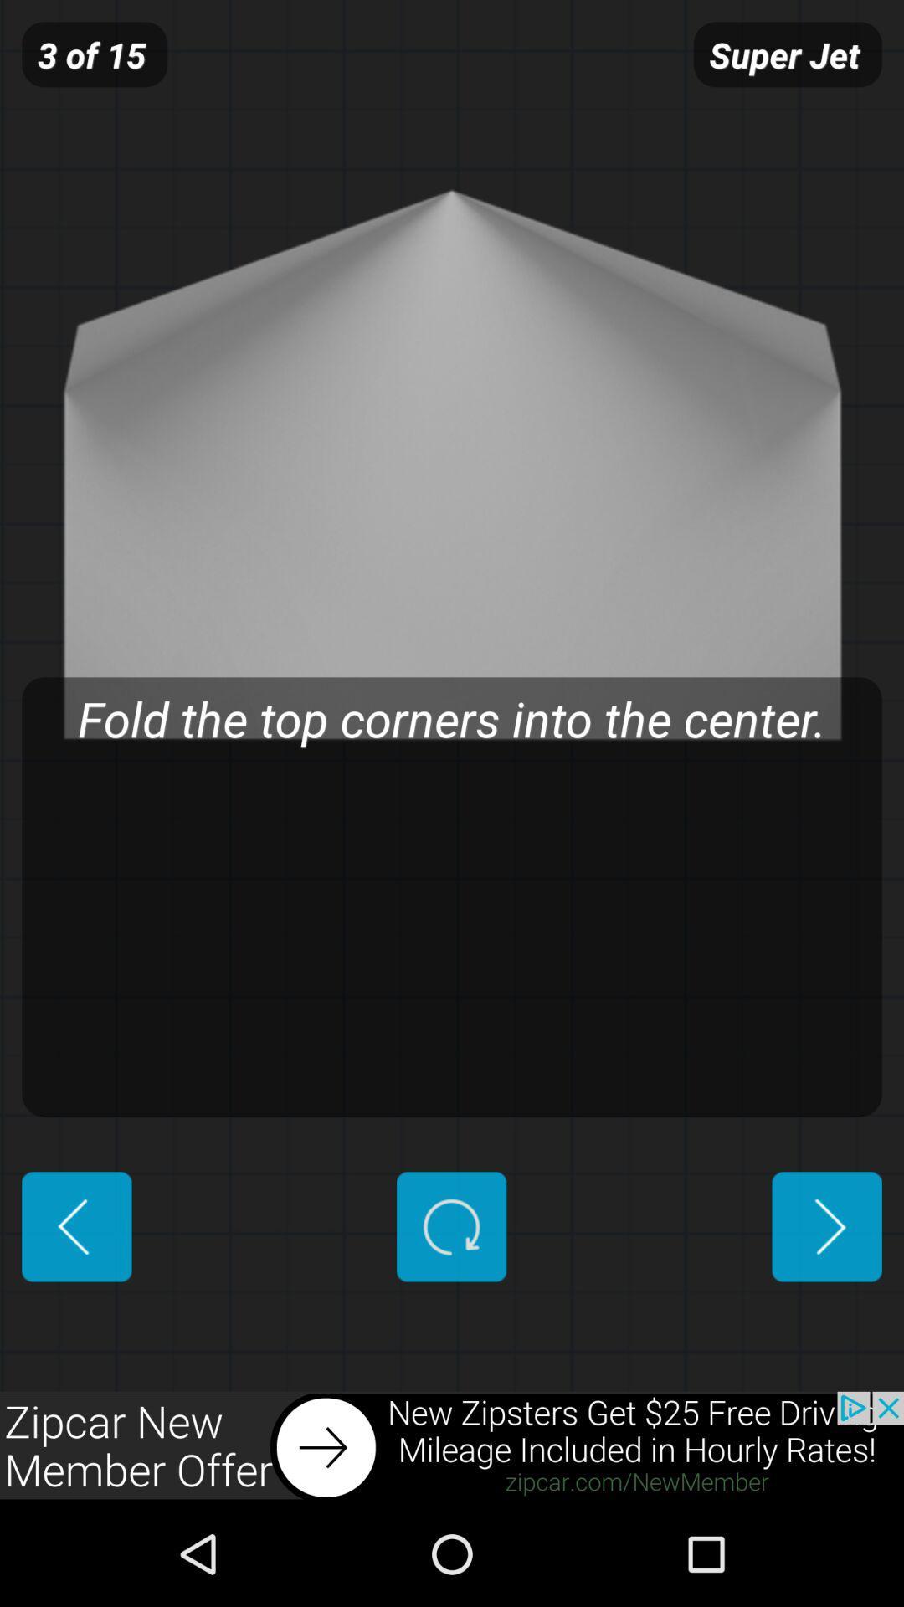  What do you see at coordinates (76, 1226) in the screenshot?
I see `previous button` at bounding box center [76, 1226].